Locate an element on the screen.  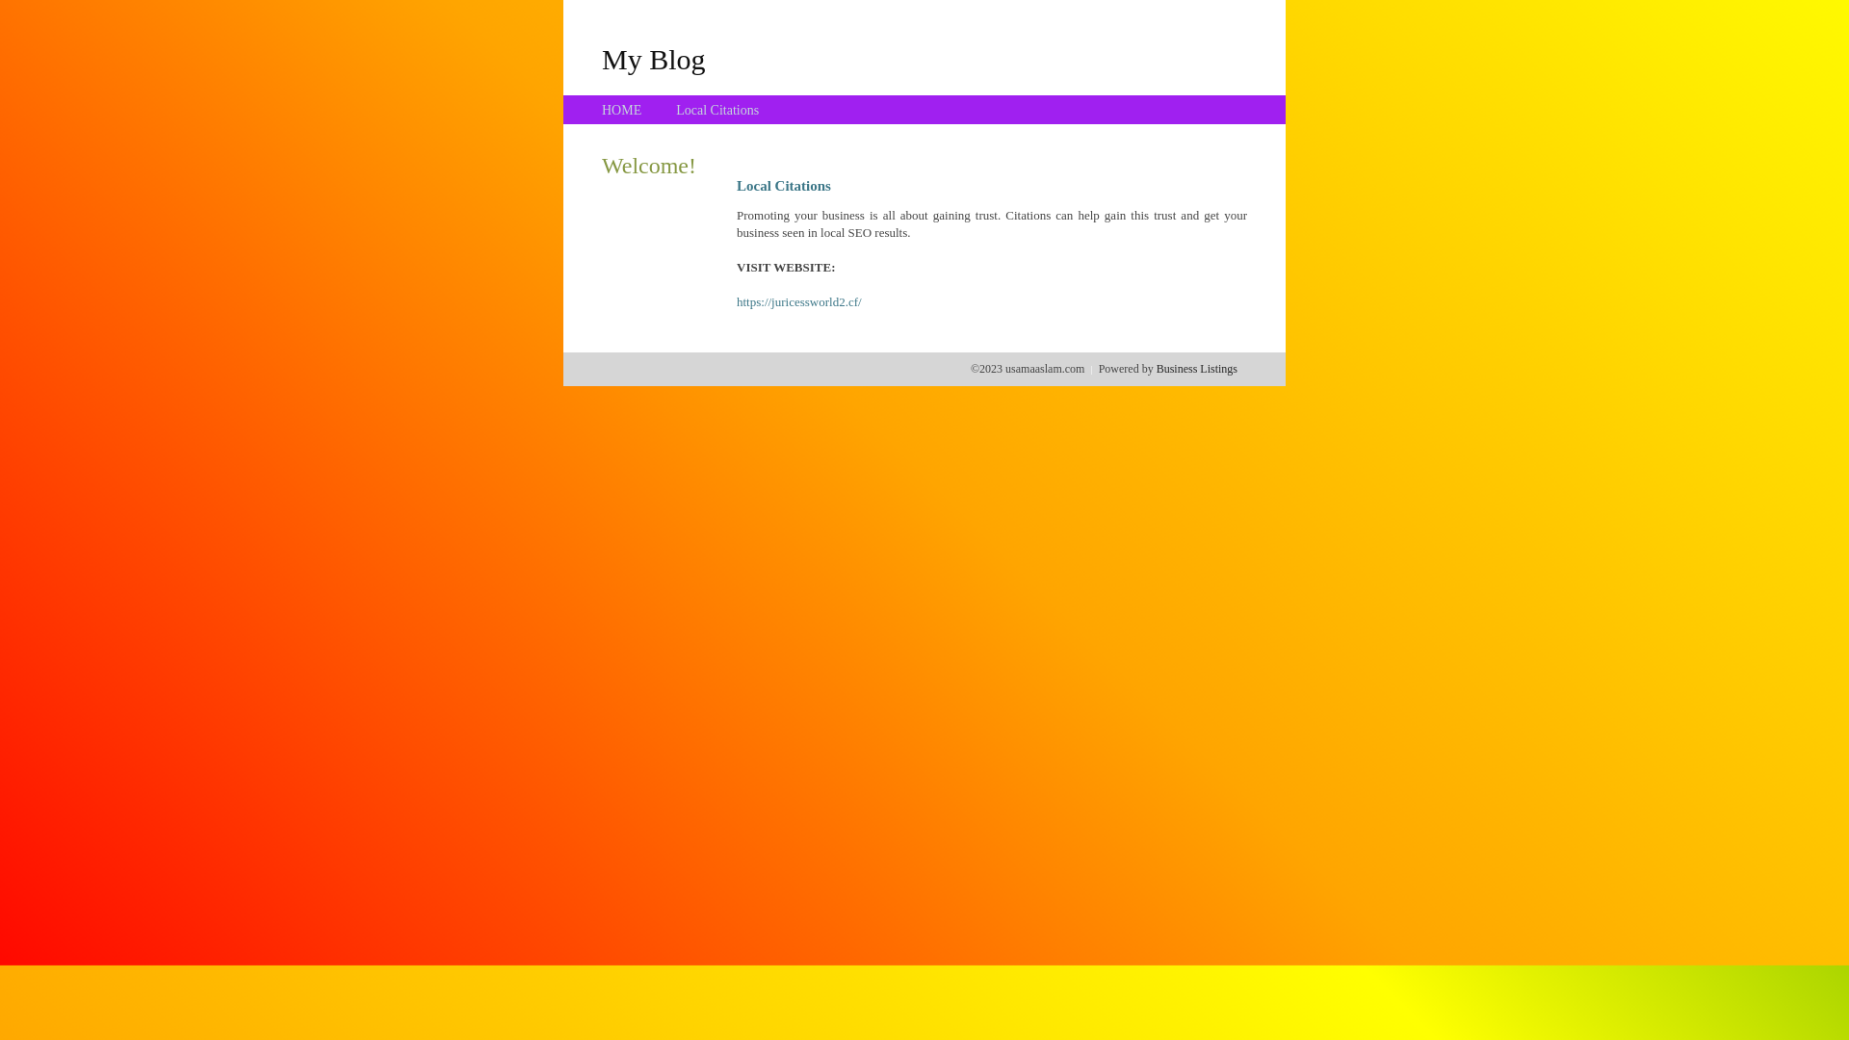
'My Blog' is located at coordinates (653, 58).